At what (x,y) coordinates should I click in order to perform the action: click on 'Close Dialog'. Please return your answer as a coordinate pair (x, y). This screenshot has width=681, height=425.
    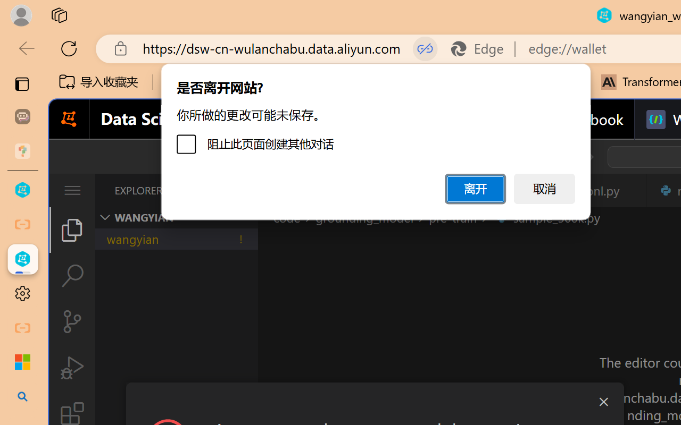
    Looking at the image, I should click on (603, 402).